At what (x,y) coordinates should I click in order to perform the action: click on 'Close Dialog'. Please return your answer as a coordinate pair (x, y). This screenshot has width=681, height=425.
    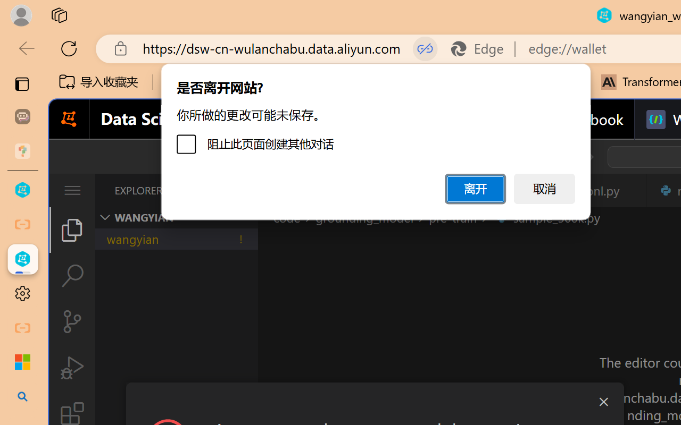
    Looking at the image, I should click on (603, 402).